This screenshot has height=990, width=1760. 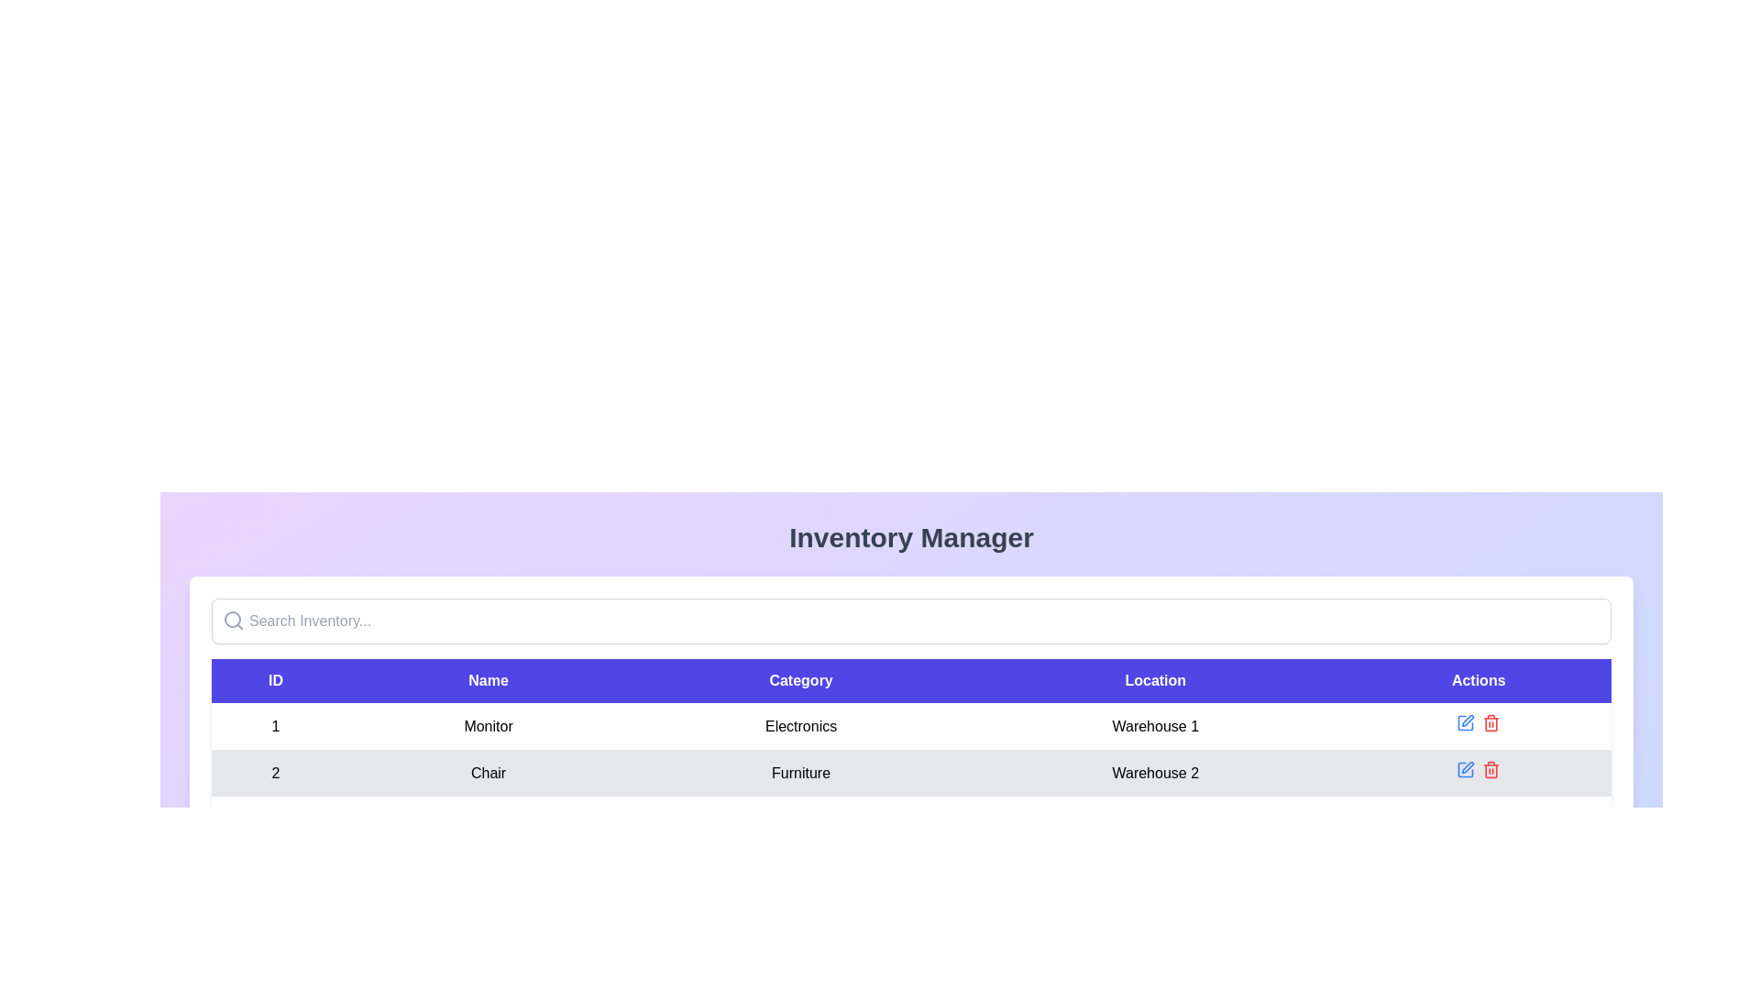 What do you see at coordinates (488, 725) in the screenshot?
I see `the text element displaying 'Monitor' in the first data row of the table under the 'Name' column` at bounding box center [488, 725].